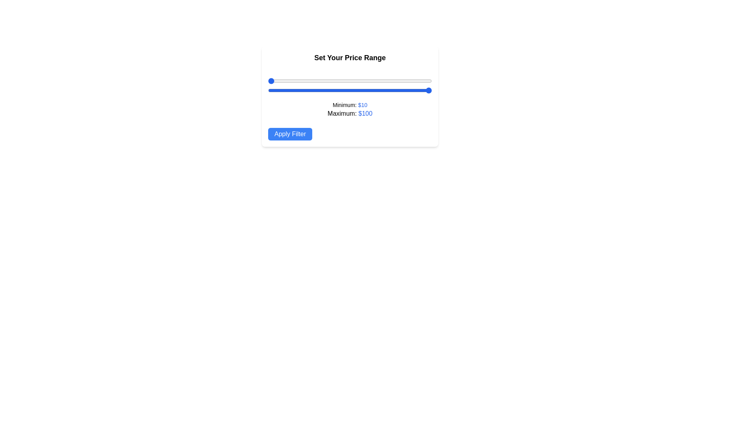  What do you see at coordinates (359, 81) in the screenshot?
I see `the slider position` at bounding box center [359, 81].